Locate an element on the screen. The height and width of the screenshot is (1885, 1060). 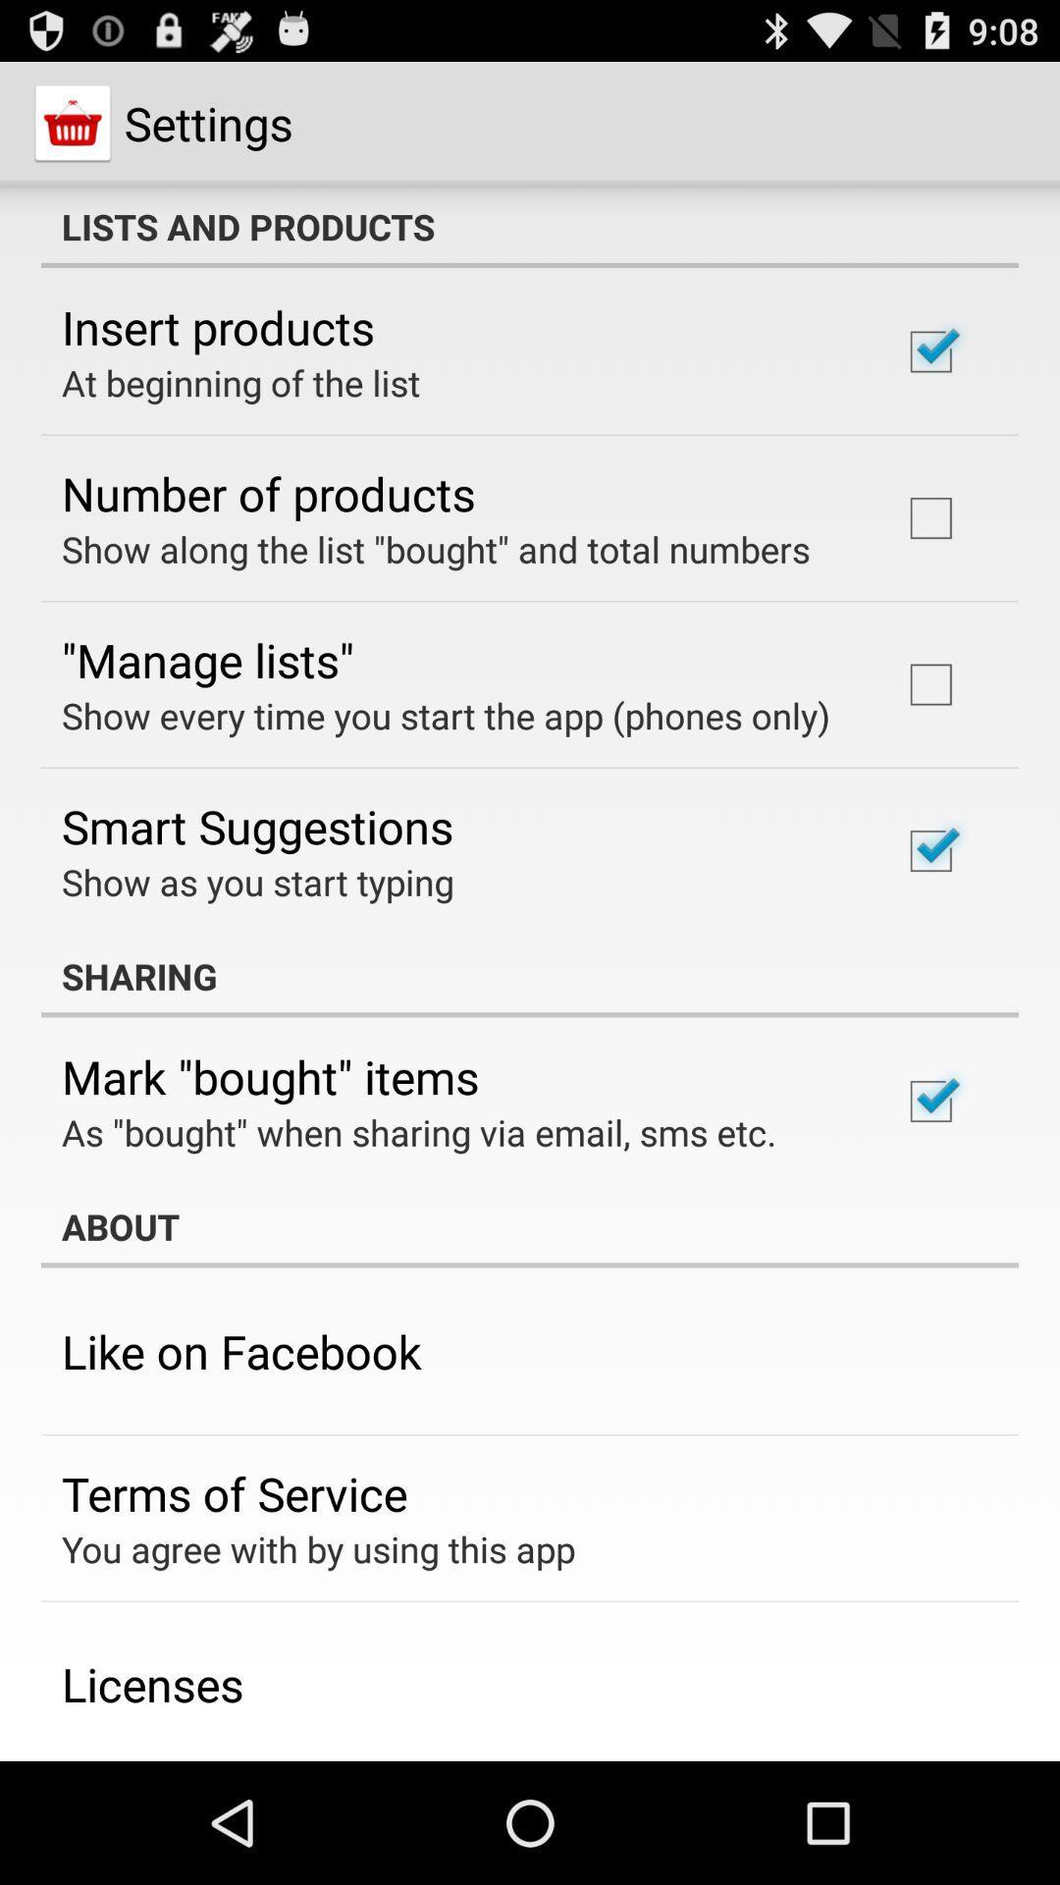
app below the mark "bought" items app is located at coordinates (418, 1132).